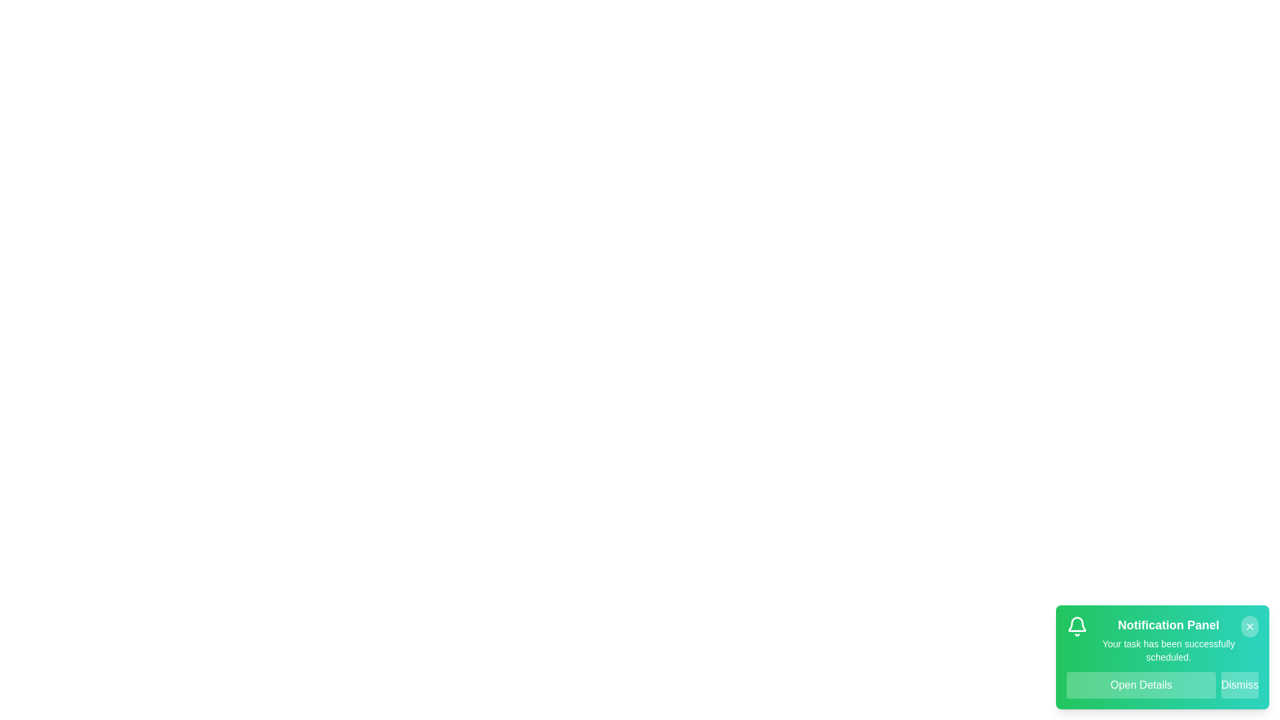 Image resolution: width=1280 pixels, height=720 pixels. What do you see at coordinates (1141, 685) in the screenshot?
I see `the 'Open Details' button to access detailed information` at bounding box center [1141, 685].